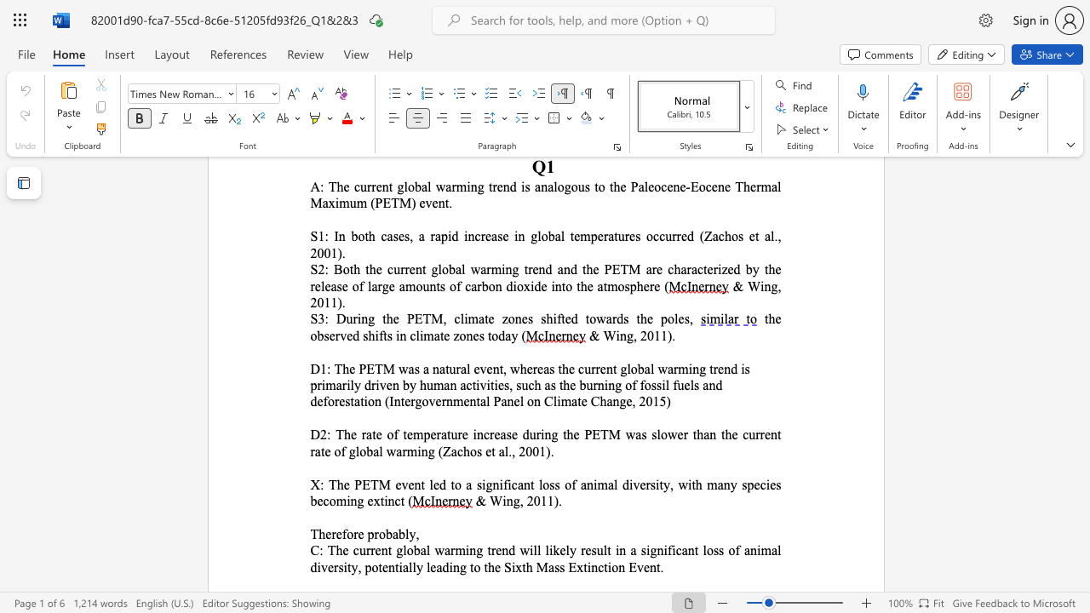  Describe the element at coordinates (365, 450) in the screenshot. I see `the subset text "bal w" within the text "ncrease during the PETM was slower than the current rate of global warming (Zachos et al., 2001)."` at that location.